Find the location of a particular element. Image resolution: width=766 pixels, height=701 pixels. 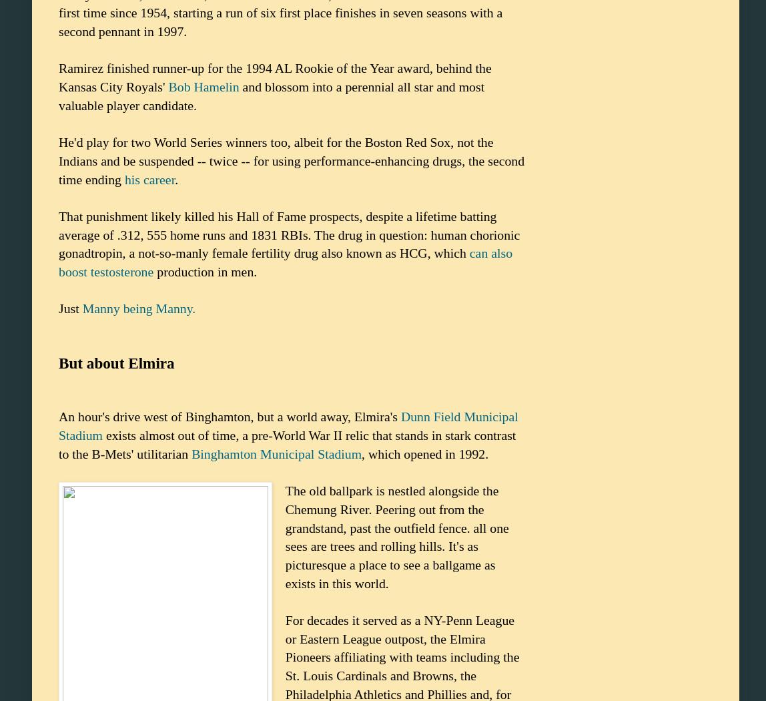

'The old ballpark is nestled alongside the Chemung River. Peering out from the grandstand, past the outfield fence. all one sees are trees and rolling hills. It's as picturesque a place to see a ballgame as exists in this world.' is located at coordinates (285, 535).